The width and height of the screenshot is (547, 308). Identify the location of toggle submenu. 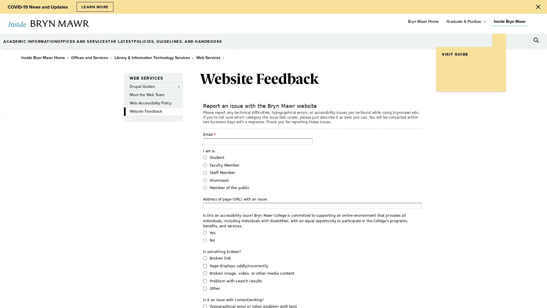
(66, 37).